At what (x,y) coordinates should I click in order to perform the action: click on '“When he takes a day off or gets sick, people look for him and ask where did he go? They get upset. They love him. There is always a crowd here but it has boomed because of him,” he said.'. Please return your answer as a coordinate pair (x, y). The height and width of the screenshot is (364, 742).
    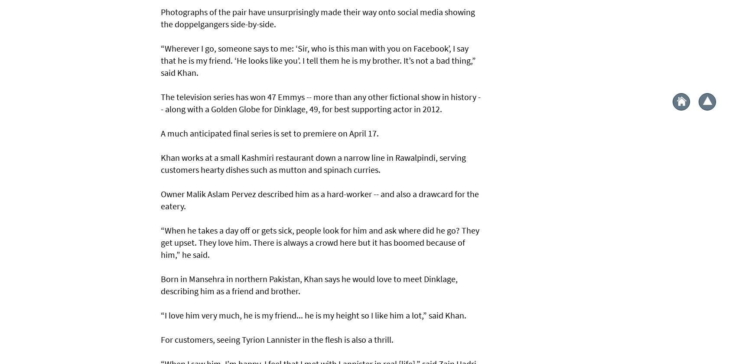
    Looking at the image, I should click on (320, 242).